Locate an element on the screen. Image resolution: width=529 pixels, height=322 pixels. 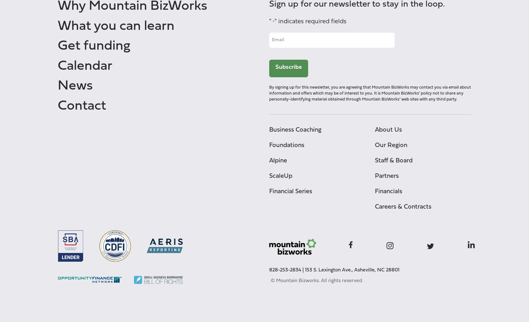
'828-253-2834' is located at coordinates (285, 270).